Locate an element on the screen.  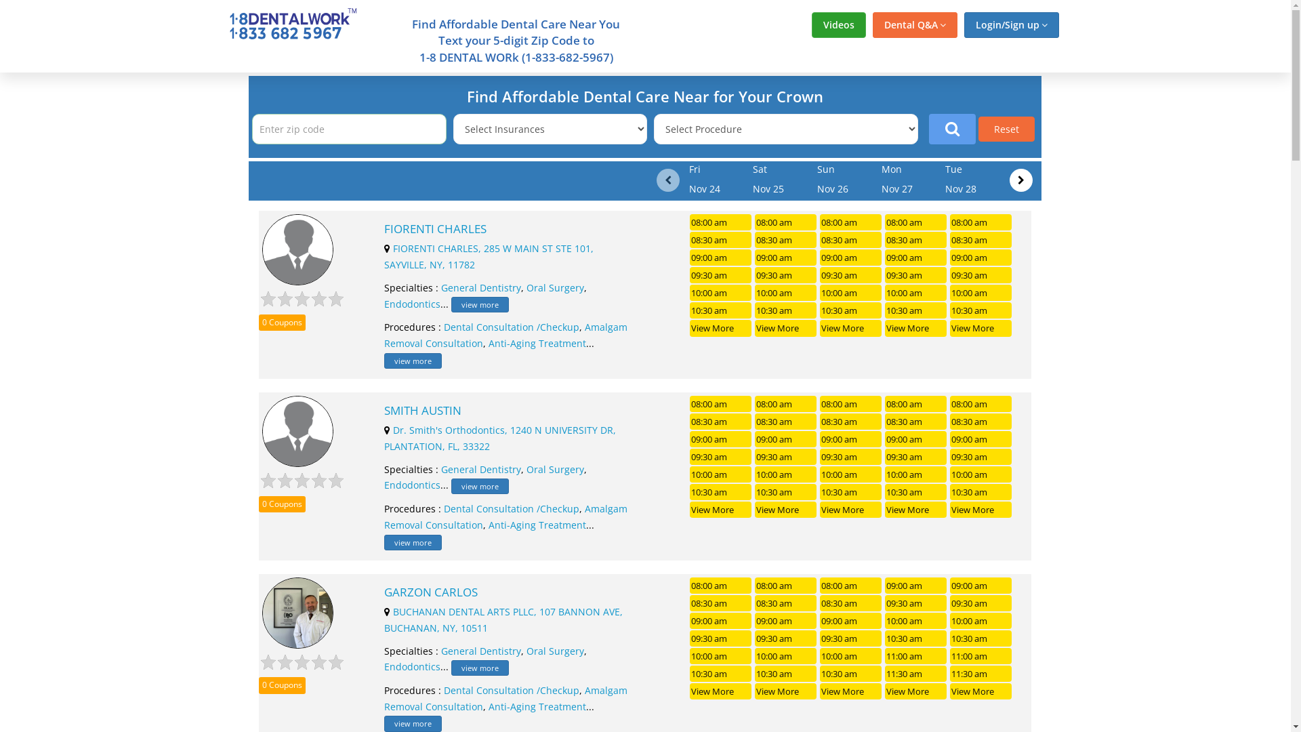
'Reset' is located at coordinates (1006, 129).